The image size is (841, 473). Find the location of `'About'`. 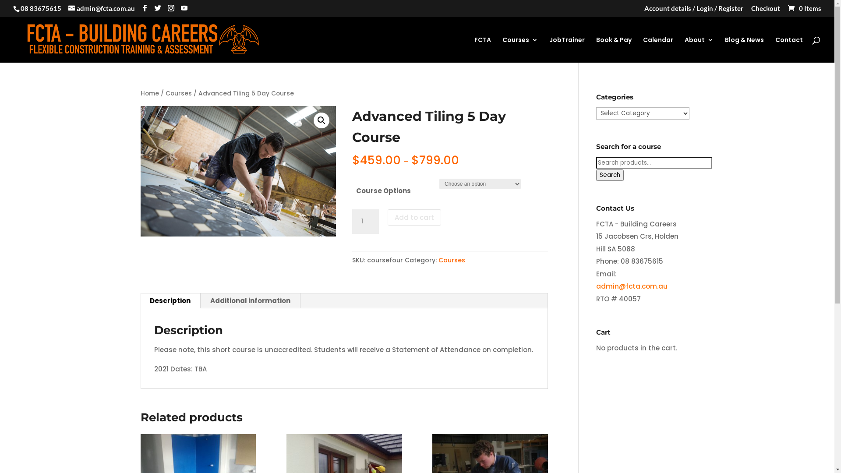

'About' is located at coordinates (699, 49).